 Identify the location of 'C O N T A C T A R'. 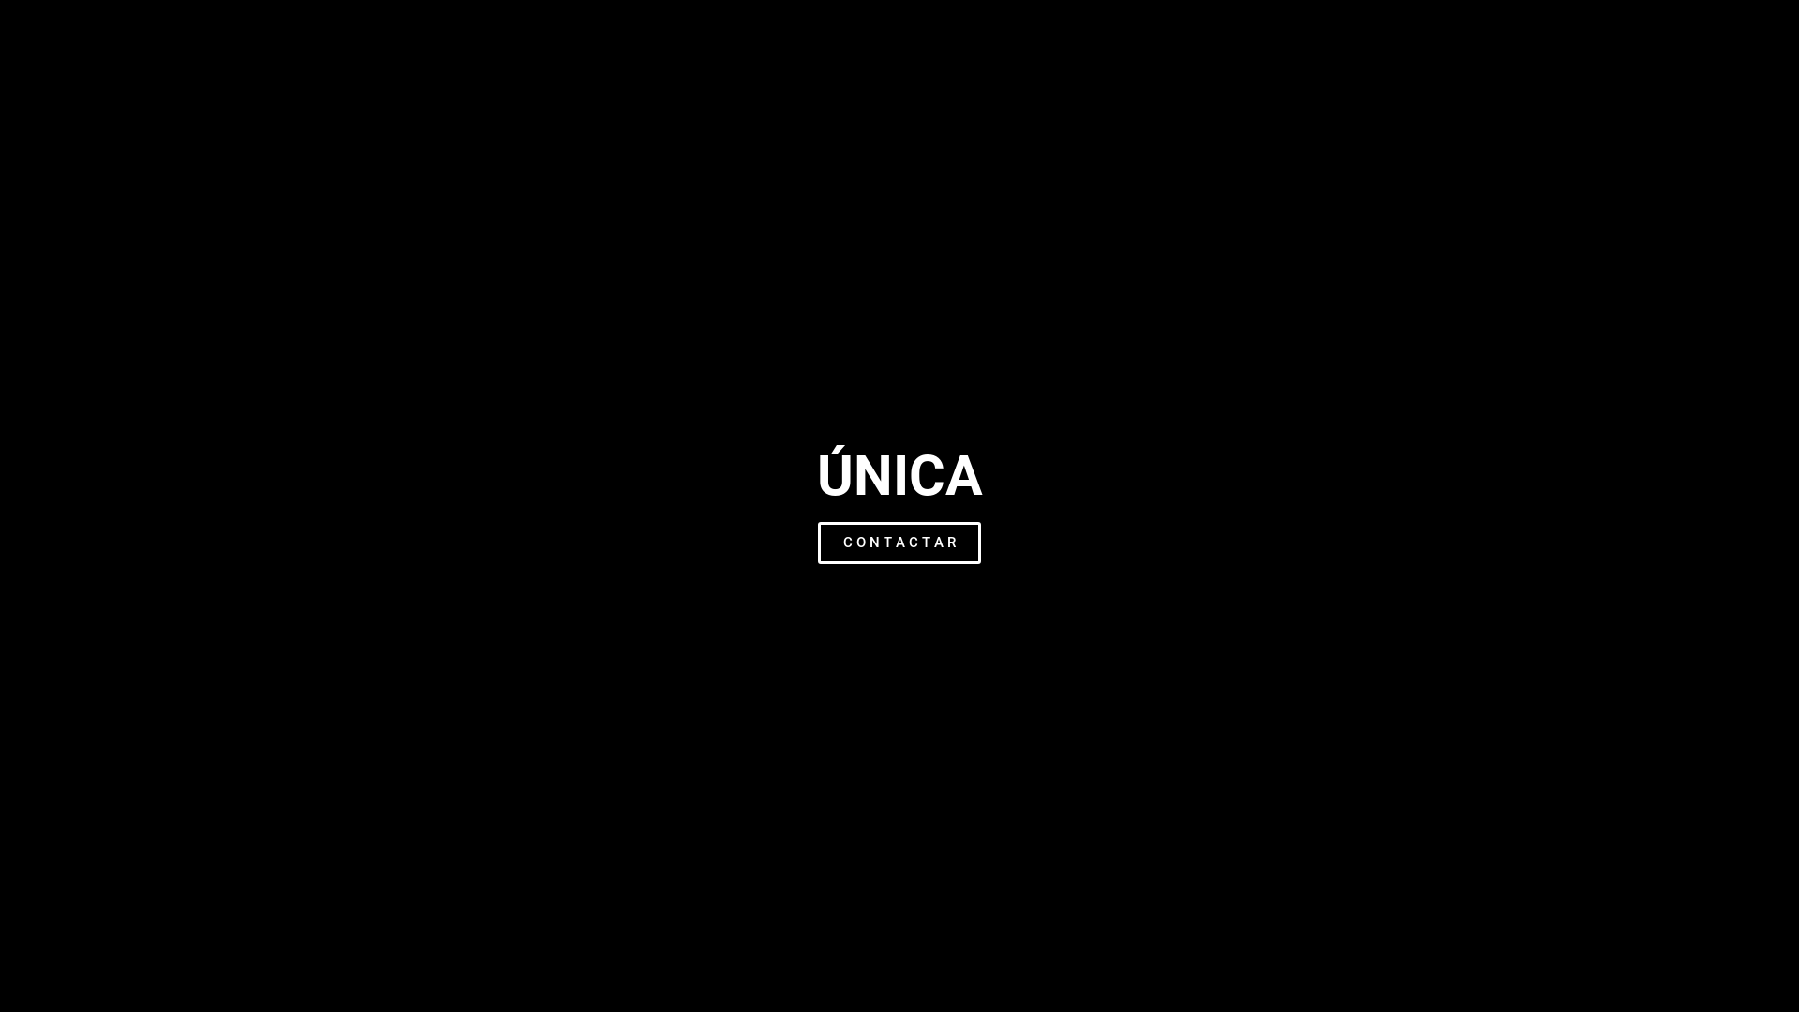
(899, 543).